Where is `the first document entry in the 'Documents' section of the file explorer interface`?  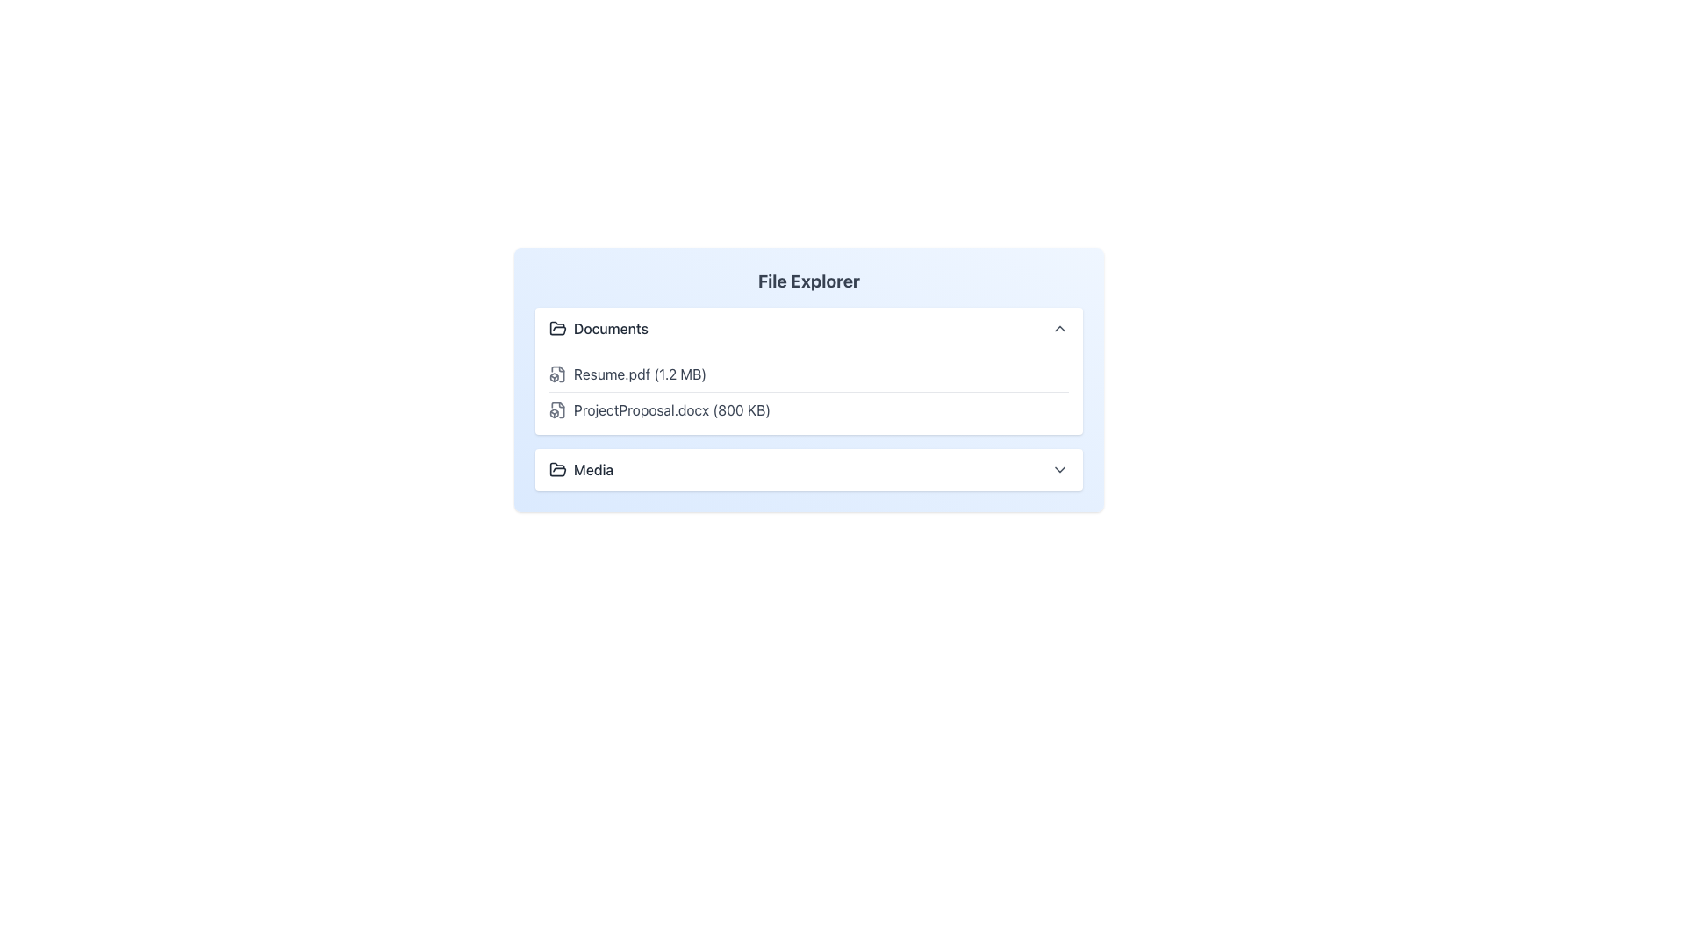 the first document entry in the 'Documents' section of the file explorer interface is located at coordinates (807, 391).